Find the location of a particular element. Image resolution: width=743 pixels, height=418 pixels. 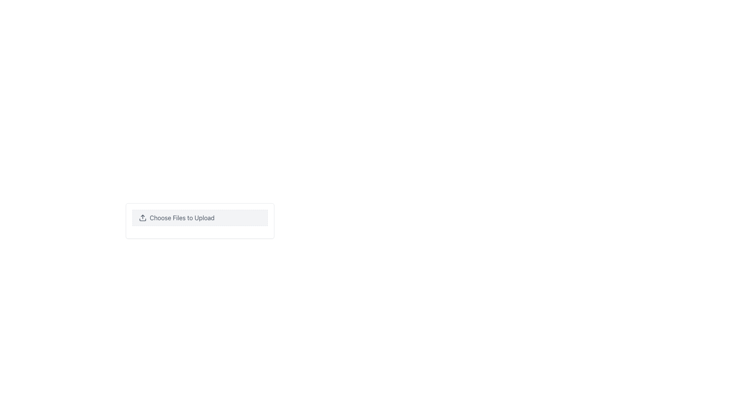

the button labeled 'Choose Files to Upload' with a dashed light-gray border to observe its hover effect is located at coordinates (200, 218).